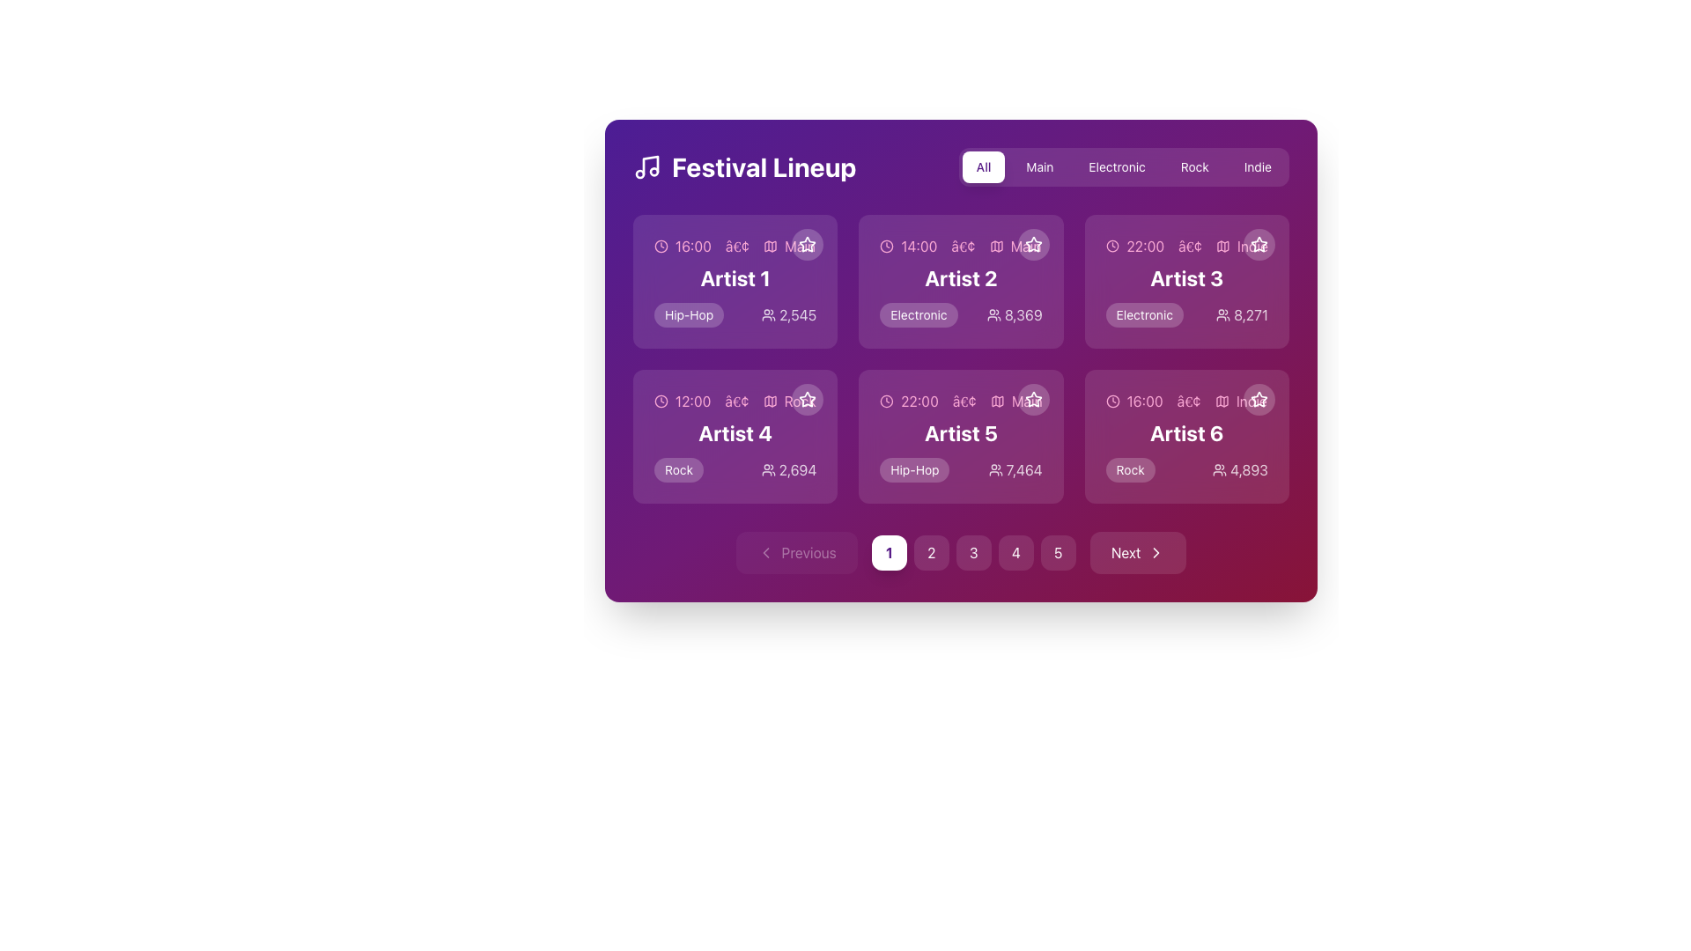 Image resolution: width=1691 pixels, height=951 pixels. Describe the element at coordinates (1026, 247) in the screenshot. I see `the text label displaying 'main' in the lower-right section of the second card for 'Artist 2'` at that location.